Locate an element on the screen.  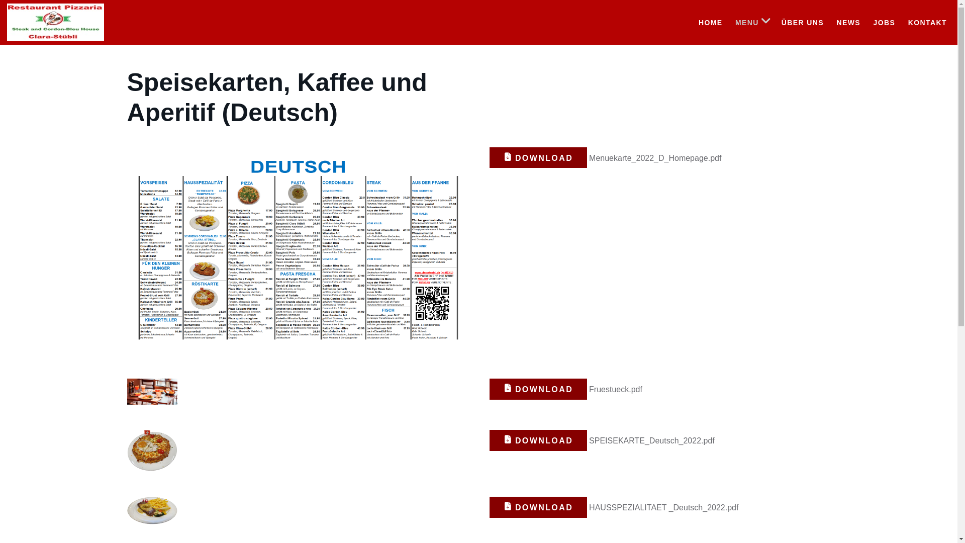
'HOME' is located at coordinates (708, 22).